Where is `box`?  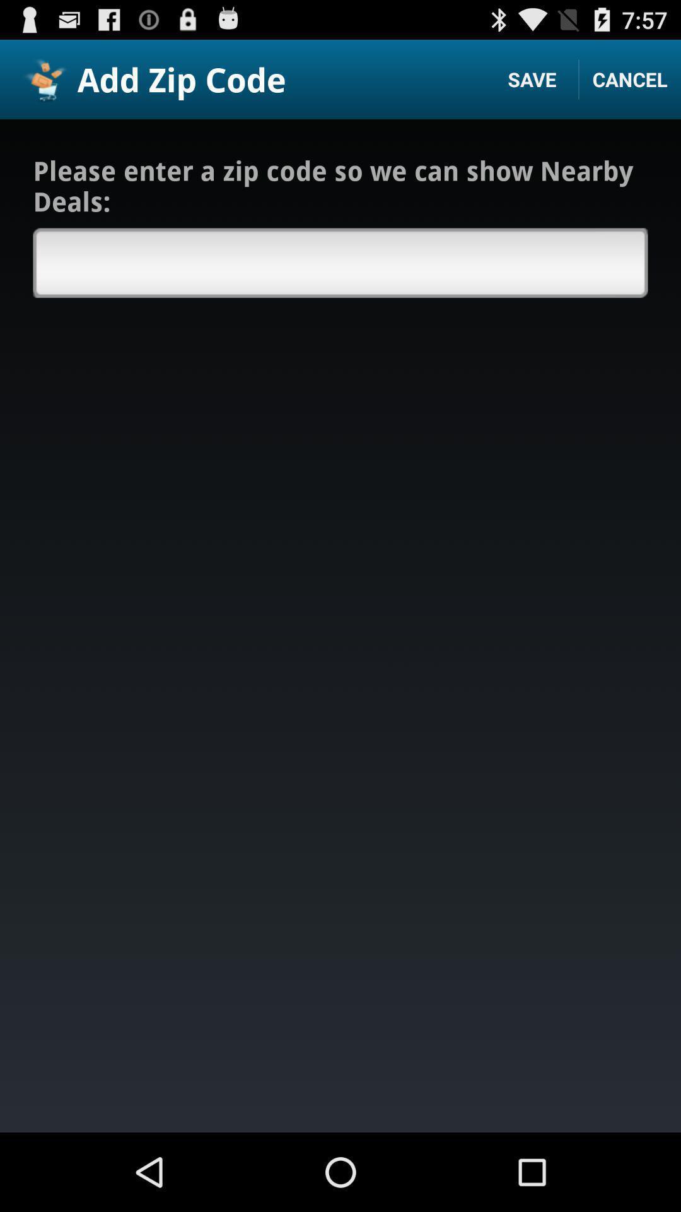
box is located at coordinates (340, 262).